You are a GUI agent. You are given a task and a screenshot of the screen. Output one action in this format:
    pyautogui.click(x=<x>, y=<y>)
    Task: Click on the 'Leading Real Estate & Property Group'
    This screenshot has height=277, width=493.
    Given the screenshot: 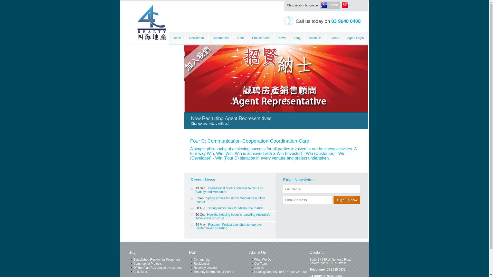 What is the action you would take?
    pyautogui.click(x=279, y=272)
    